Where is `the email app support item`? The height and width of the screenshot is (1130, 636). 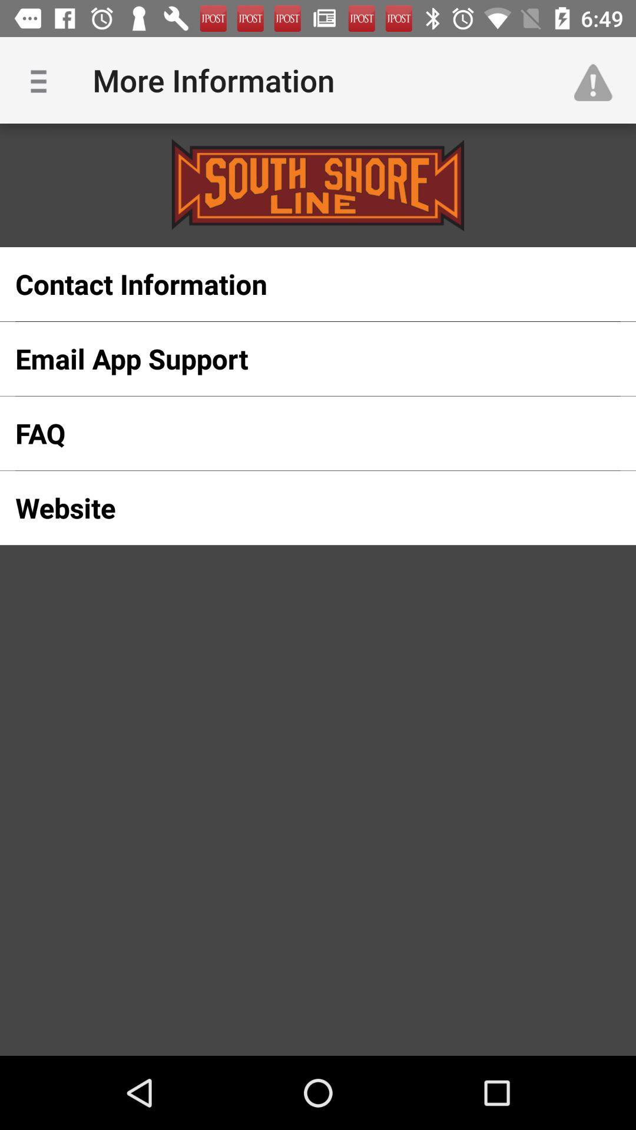 the email app support item is located at coordinates (299, 358).